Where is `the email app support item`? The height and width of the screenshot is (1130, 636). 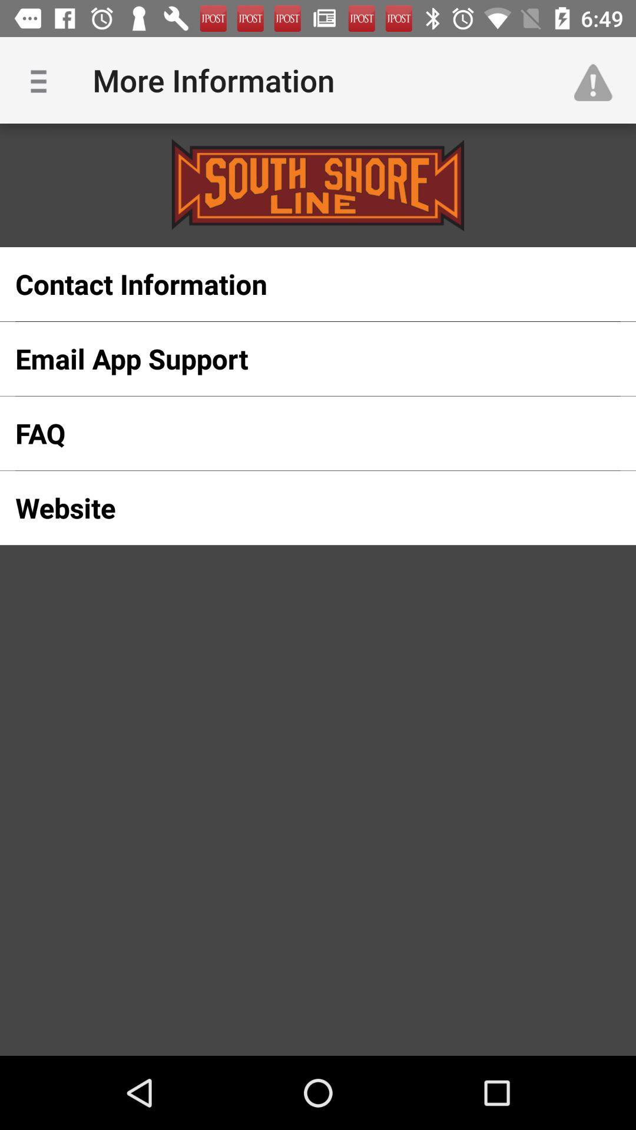 the email app support item is located at coordinates (299, 358).